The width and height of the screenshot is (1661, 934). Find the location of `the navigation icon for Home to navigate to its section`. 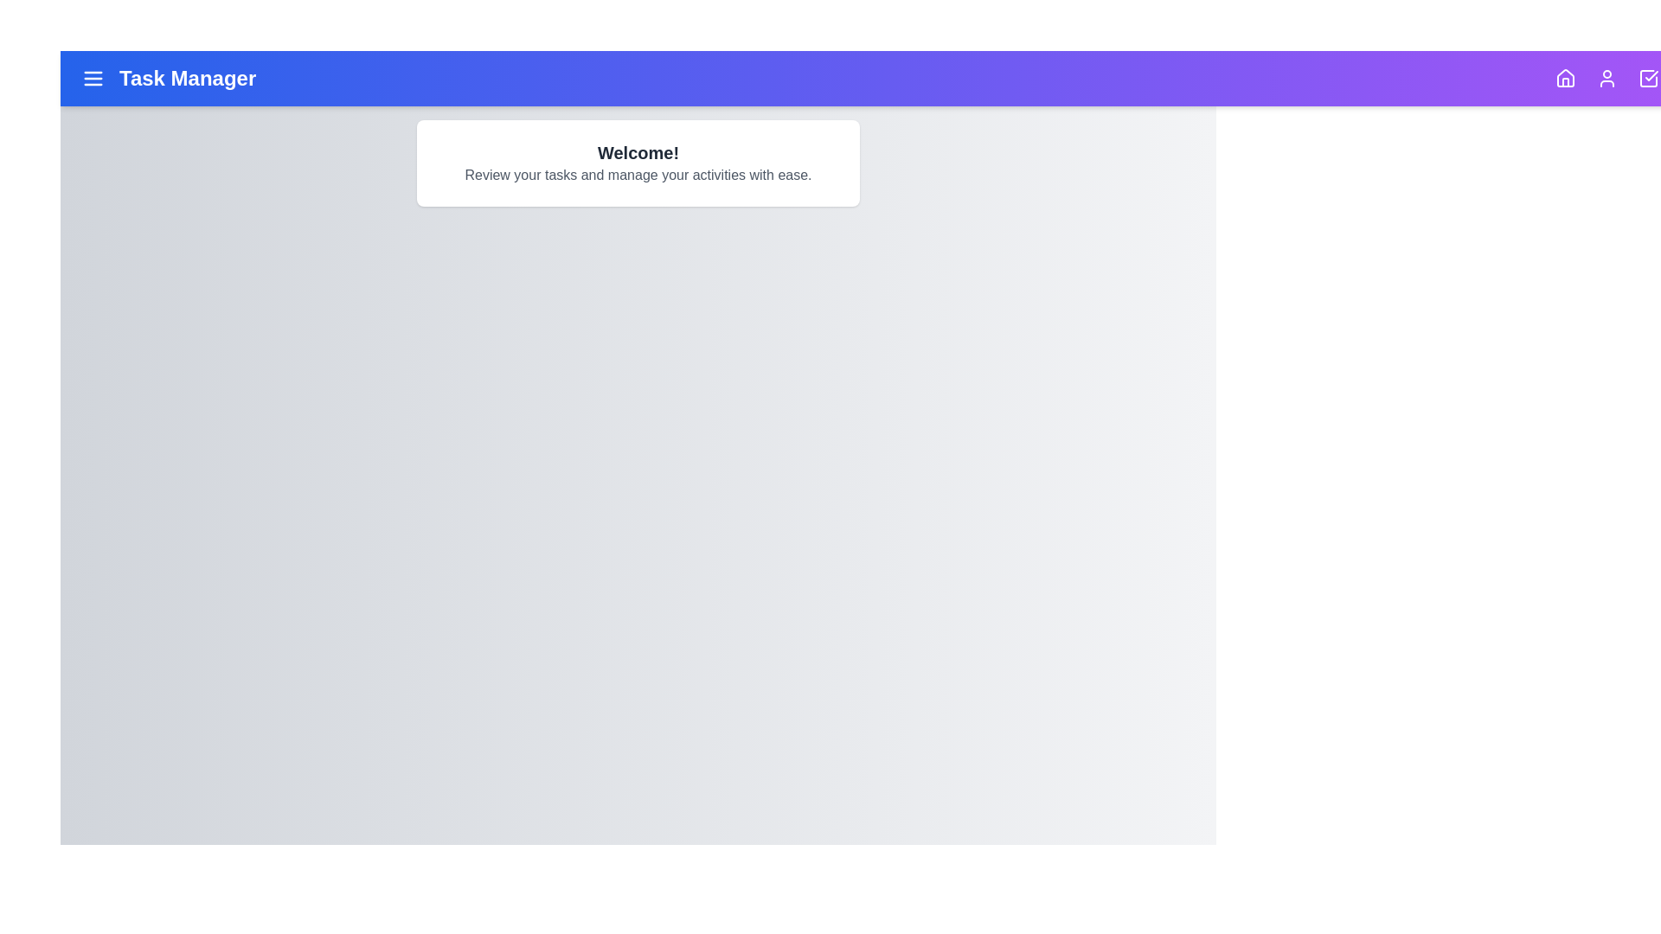

the navigation icon for Home to navigate to its section is located at coordinates (1565, 79).